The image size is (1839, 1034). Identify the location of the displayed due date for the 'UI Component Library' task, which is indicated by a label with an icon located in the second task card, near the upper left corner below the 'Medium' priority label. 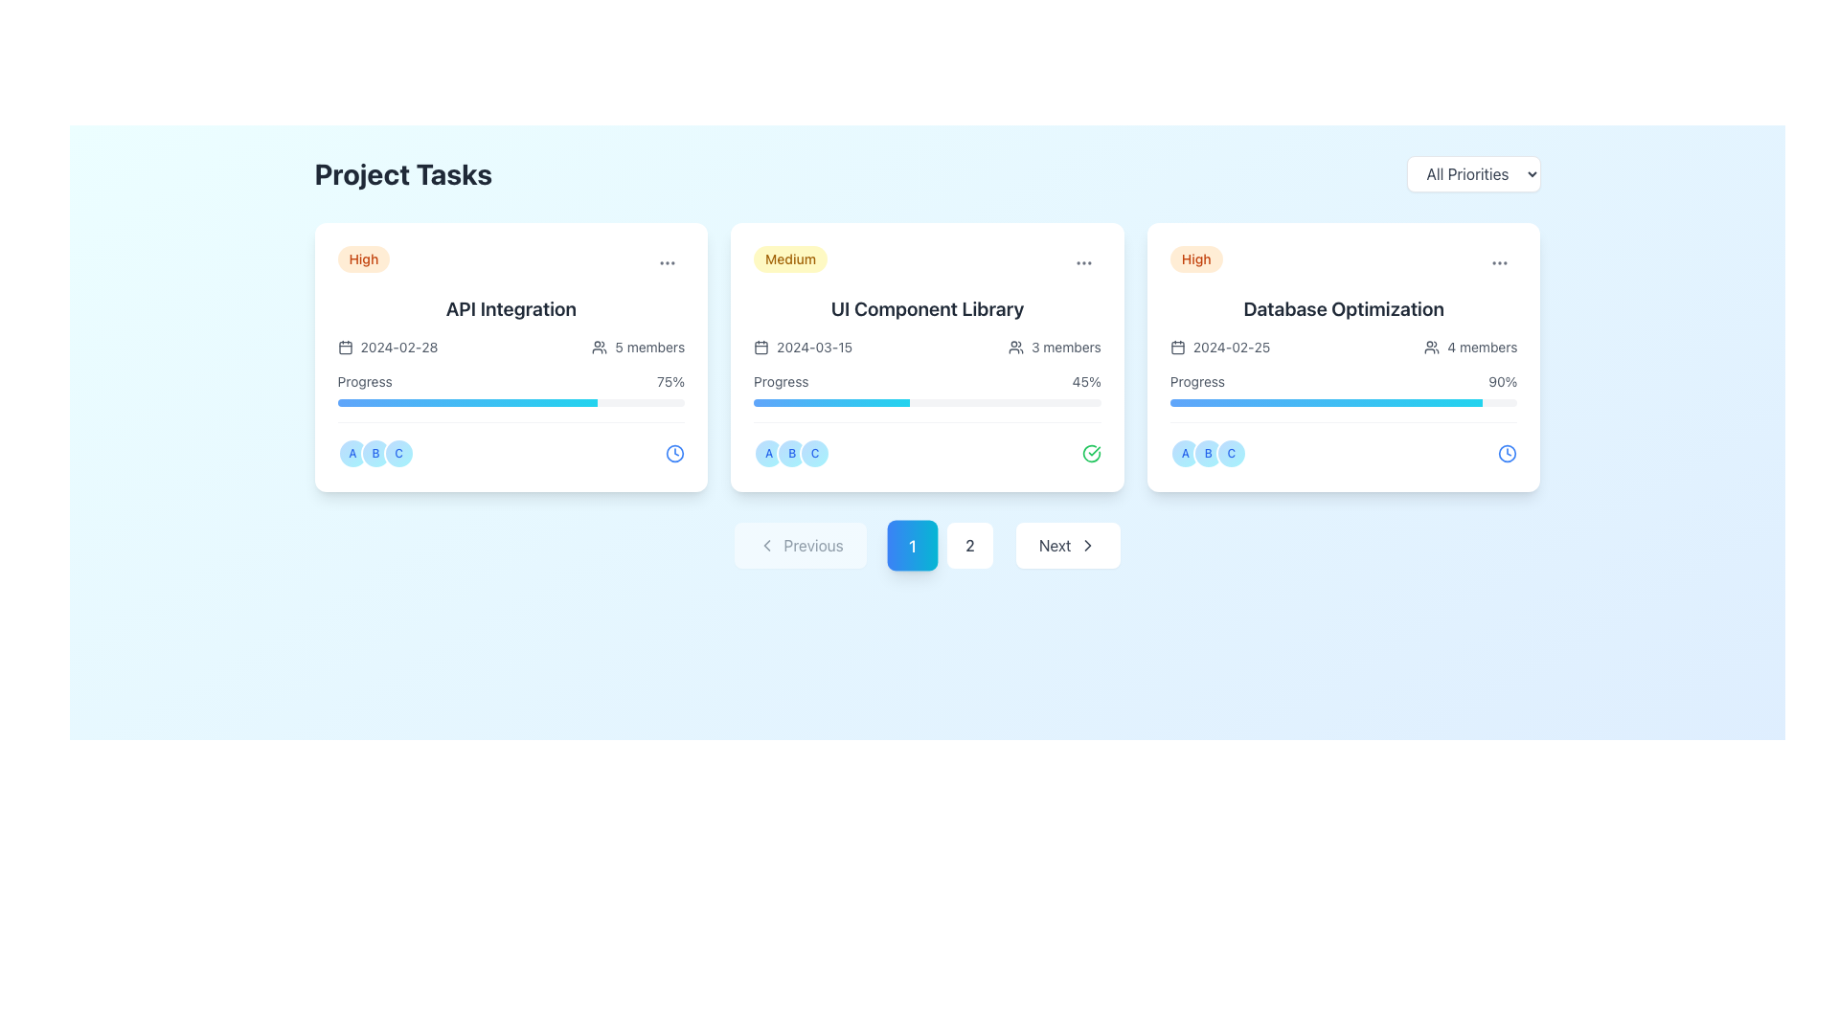
(803, 347).